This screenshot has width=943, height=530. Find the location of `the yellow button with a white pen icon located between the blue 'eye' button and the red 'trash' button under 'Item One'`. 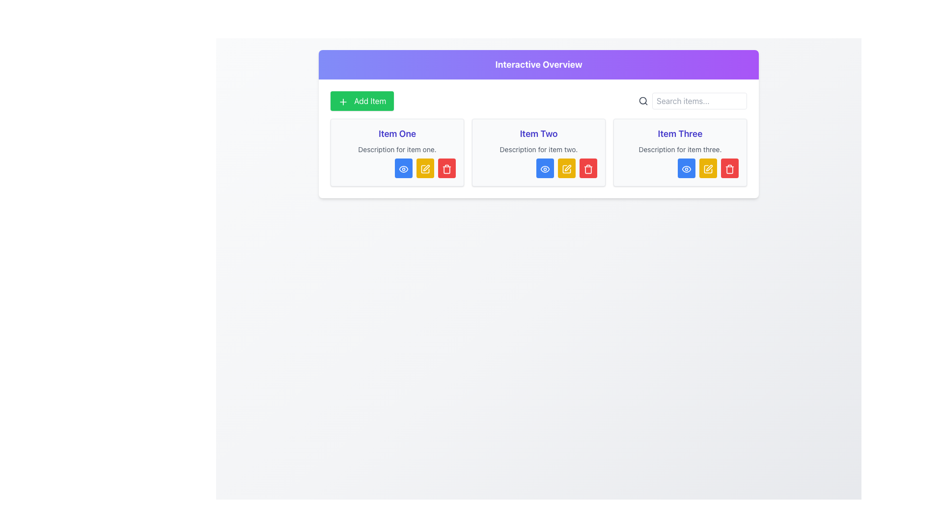

the yellow button with a white pen icon located between the blue 'eye' button and the red 'trash' button under 'Item One' is located at coordinates (425, 168).